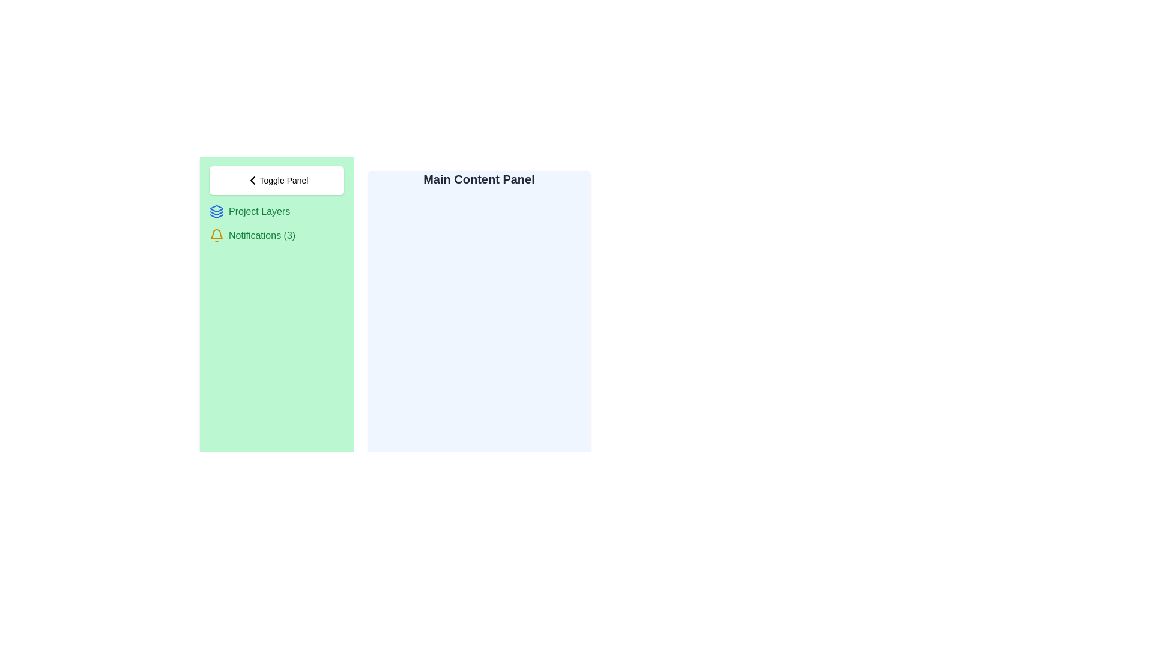 Image resolution: width=1153 pixels, height=648 pixels. Describe the element at coordinates (261, 236) in the screenshot. I see `the notification count text label indicating three unread notifications` at that location.